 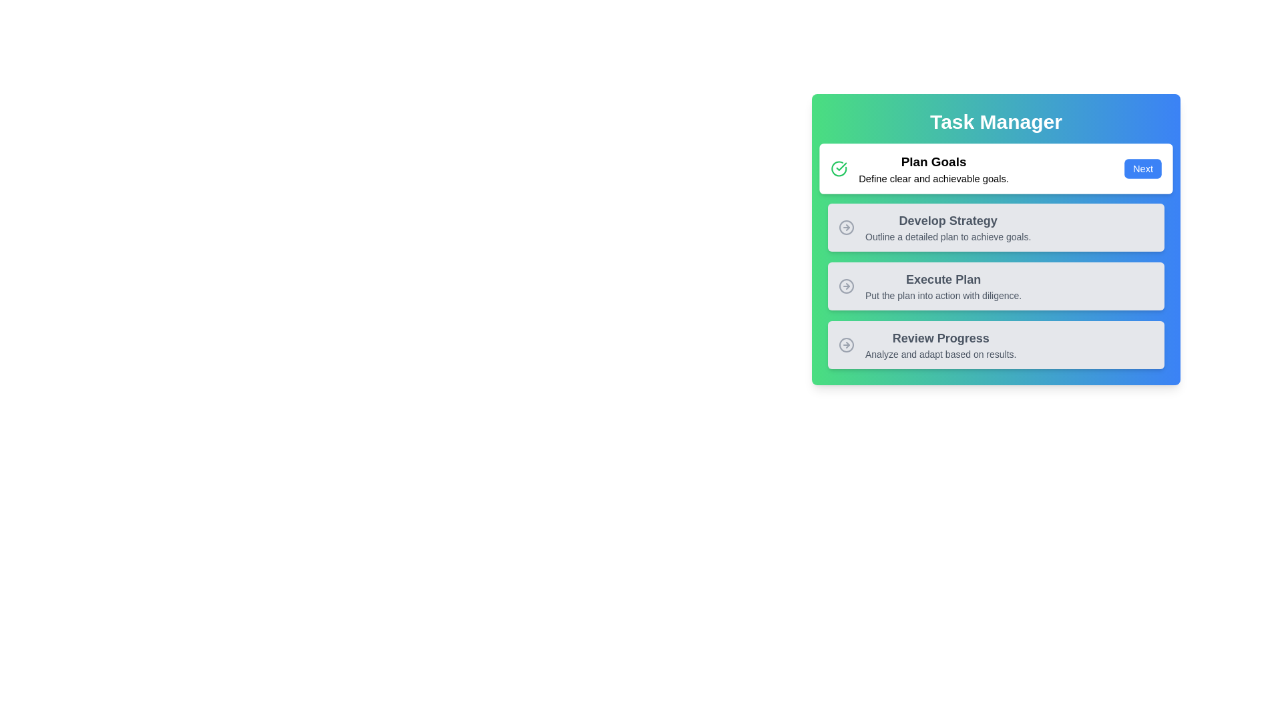 I want to click on text content of the informational block displaying 'Develop Strategy' and 'Outline a detailed plan to achieve goals.', so click(x=947, y=226).